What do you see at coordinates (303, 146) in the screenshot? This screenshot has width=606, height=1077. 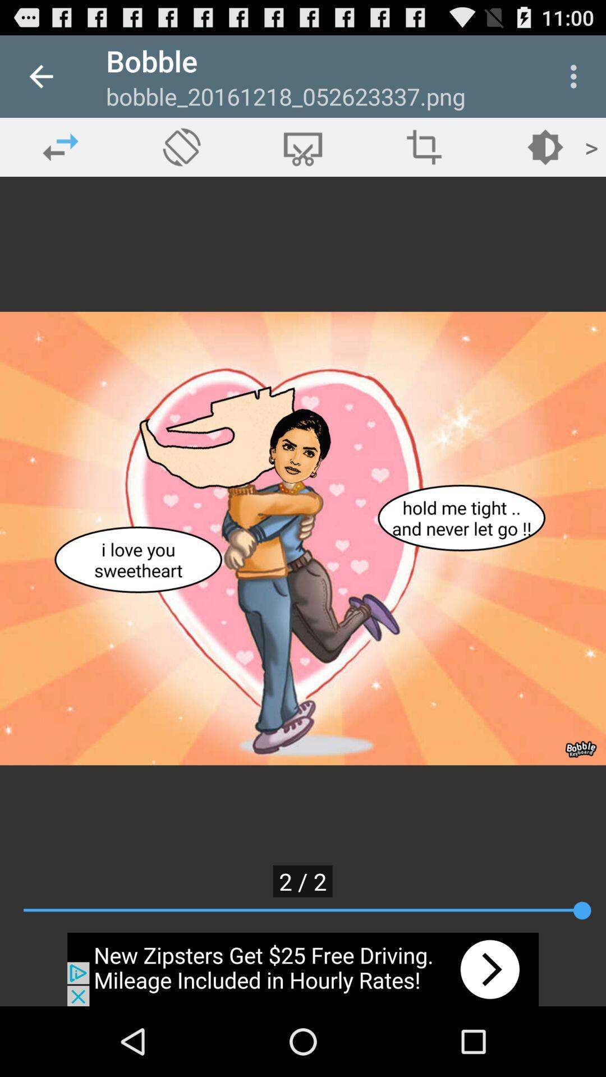 I see `cut the page` at bounding box center [303, 146].